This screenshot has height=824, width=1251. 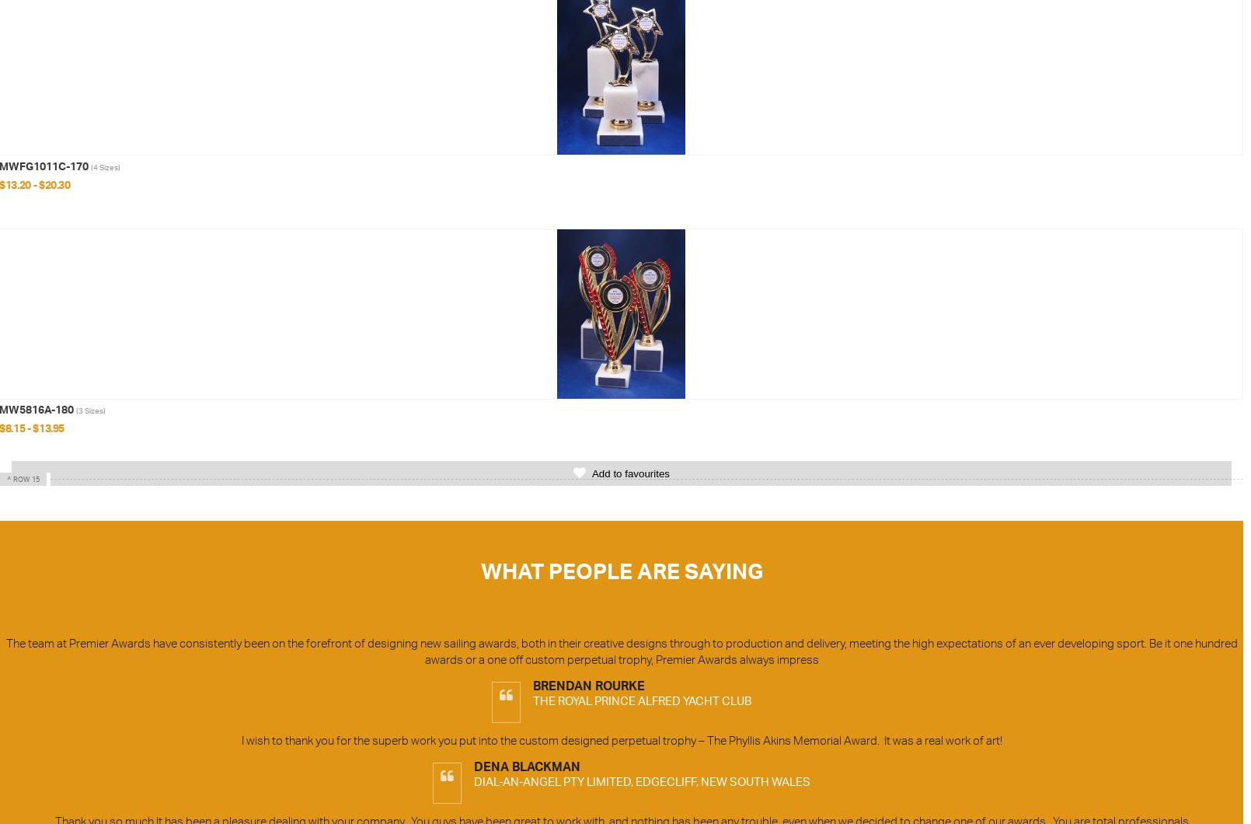 What do you see at coordinates (77, 409) in the screenshot?
I see `'3 Sizes'` at bounding box center [77, 409].